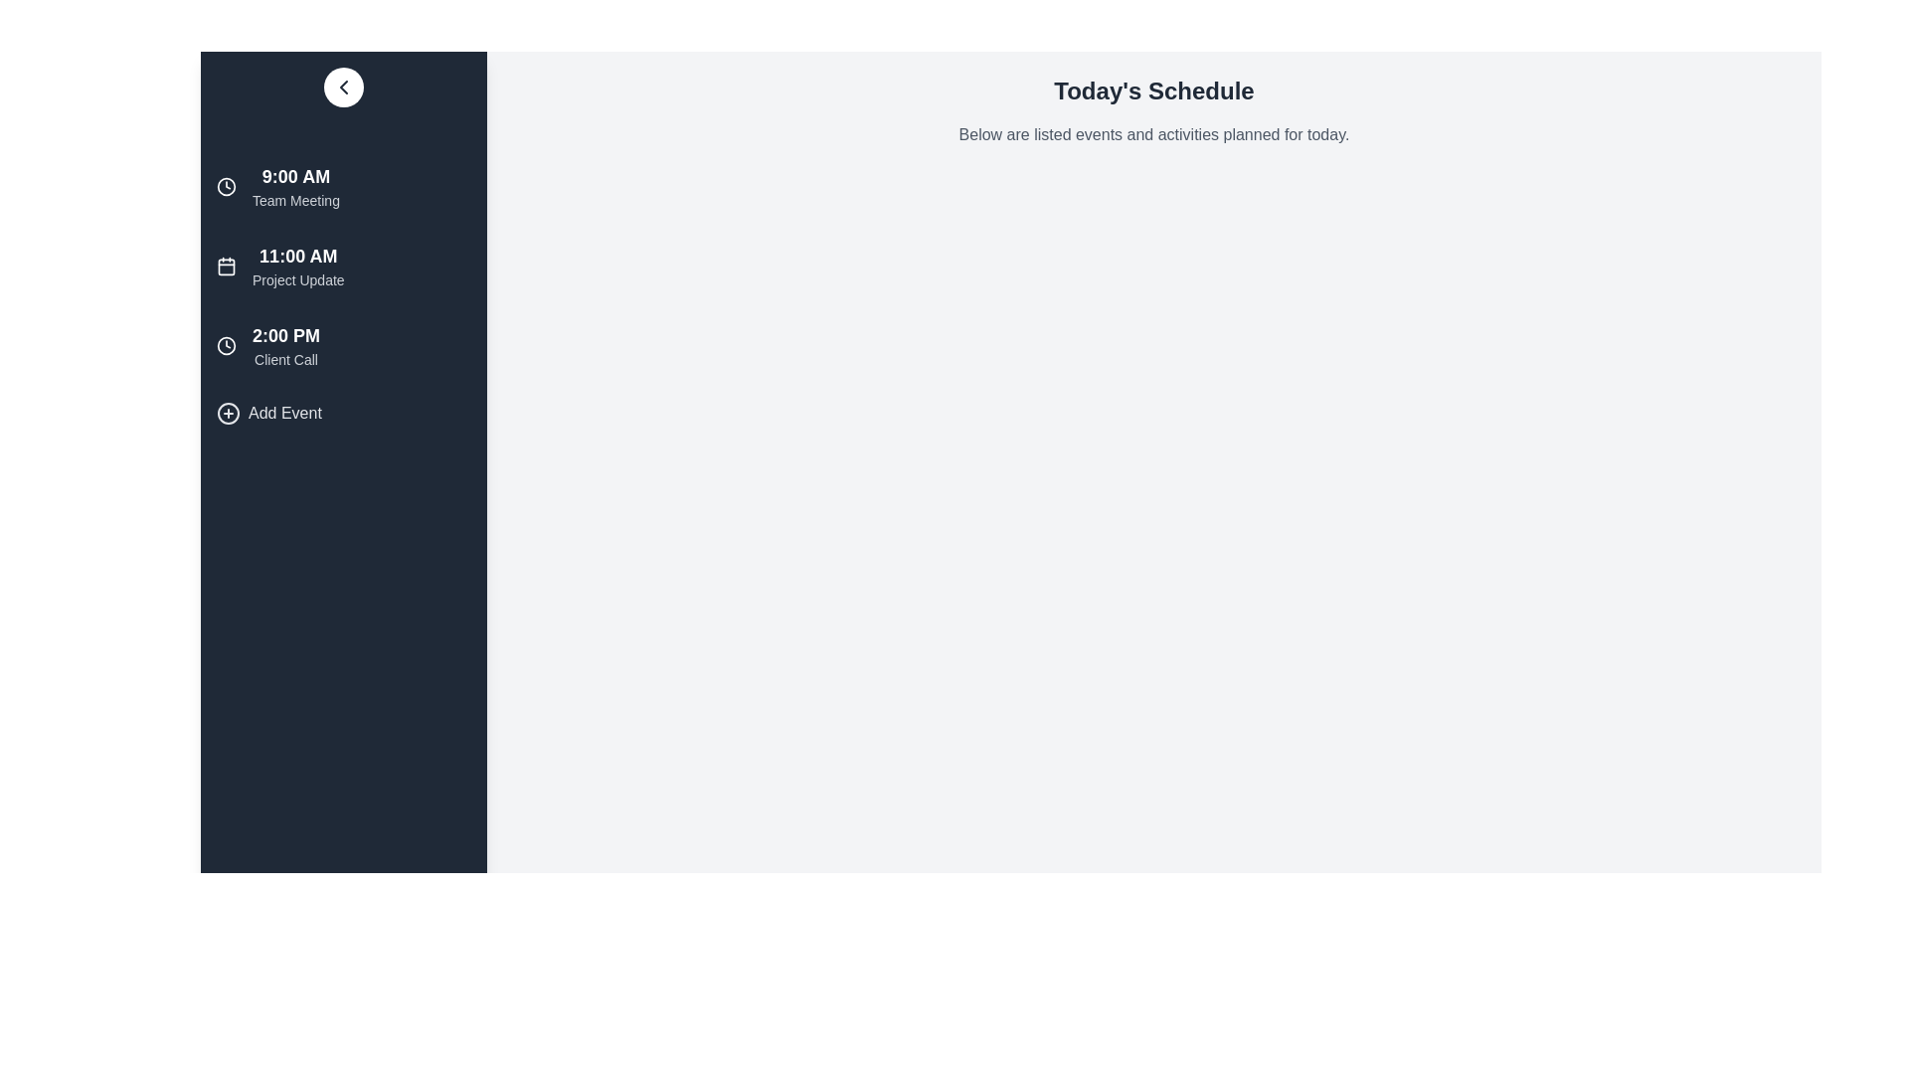  I want to click on the 'Add Event' button to initiate adding a new event, so click(267, 413).